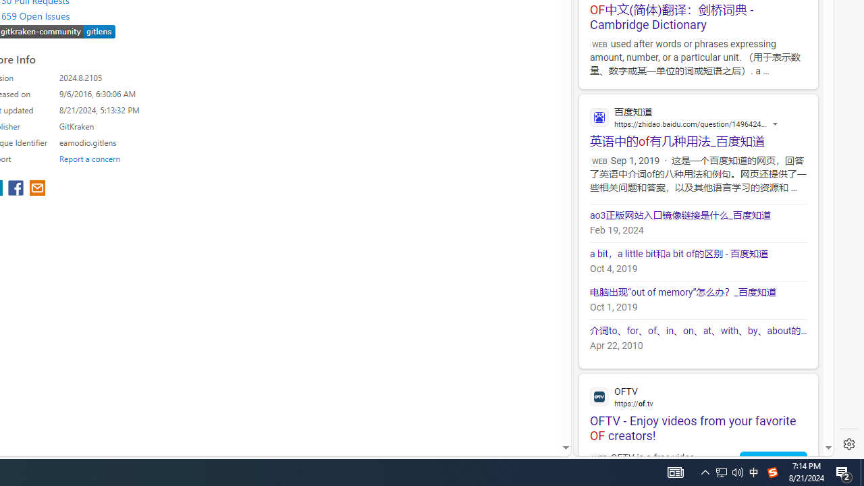  What do you see at coordinates (37, 189) in the screenshot?
I see `'share extension on email'` at bounding box center [37, 189].